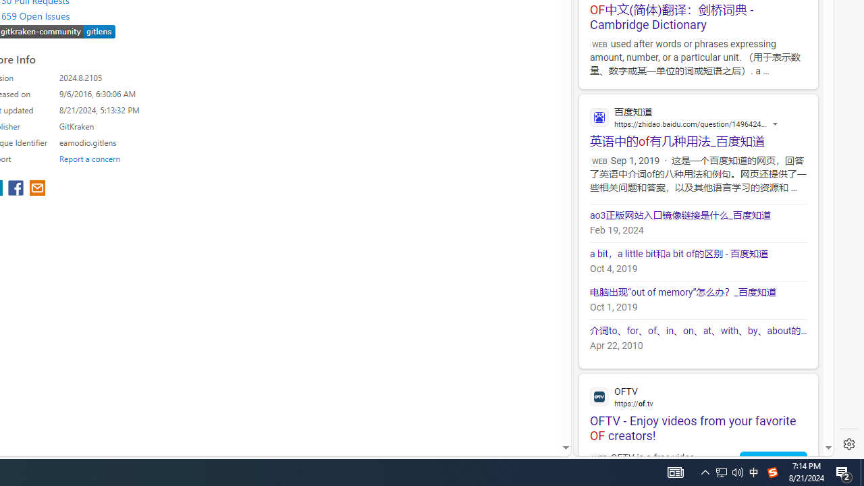  What do you see at coordinates (37, 189) in the screenshot?
I see `'share extension on email'` at bounding box center [37, 189].